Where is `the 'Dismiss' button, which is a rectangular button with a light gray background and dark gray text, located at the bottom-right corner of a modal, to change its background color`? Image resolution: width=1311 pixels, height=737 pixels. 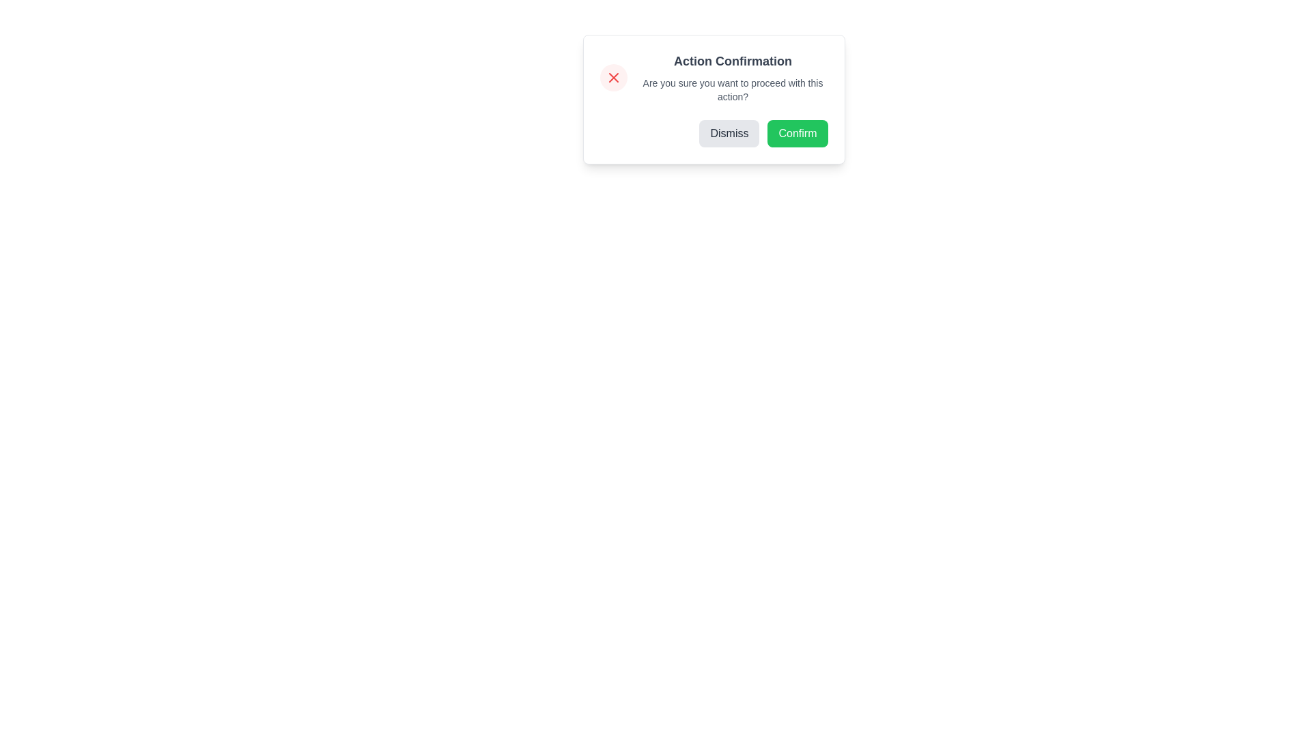
the 'Dismiss' button, which is a rectangular button with a light gray background and dark gray text, located at the bottom-right corner of a modal, to change its background color is located at coordinates (729, 134).